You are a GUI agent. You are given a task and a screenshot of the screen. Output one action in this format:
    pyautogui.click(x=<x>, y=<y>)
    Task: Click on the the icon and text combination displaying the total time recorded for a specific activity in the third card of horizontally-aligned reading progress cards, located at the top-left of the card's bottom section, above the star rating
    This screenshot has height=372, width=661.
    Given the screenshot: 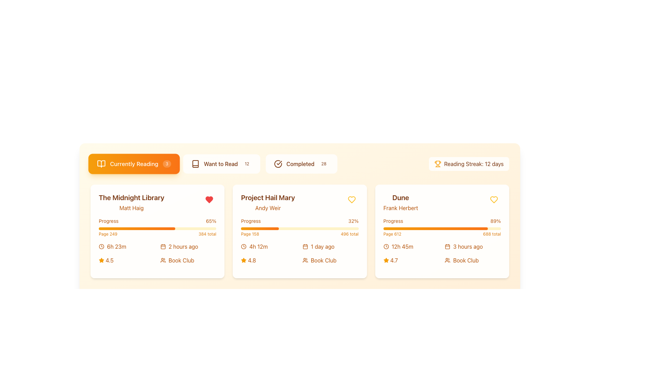 What is the action you would take?
    pyautogui.click(x=411, y=246)
    